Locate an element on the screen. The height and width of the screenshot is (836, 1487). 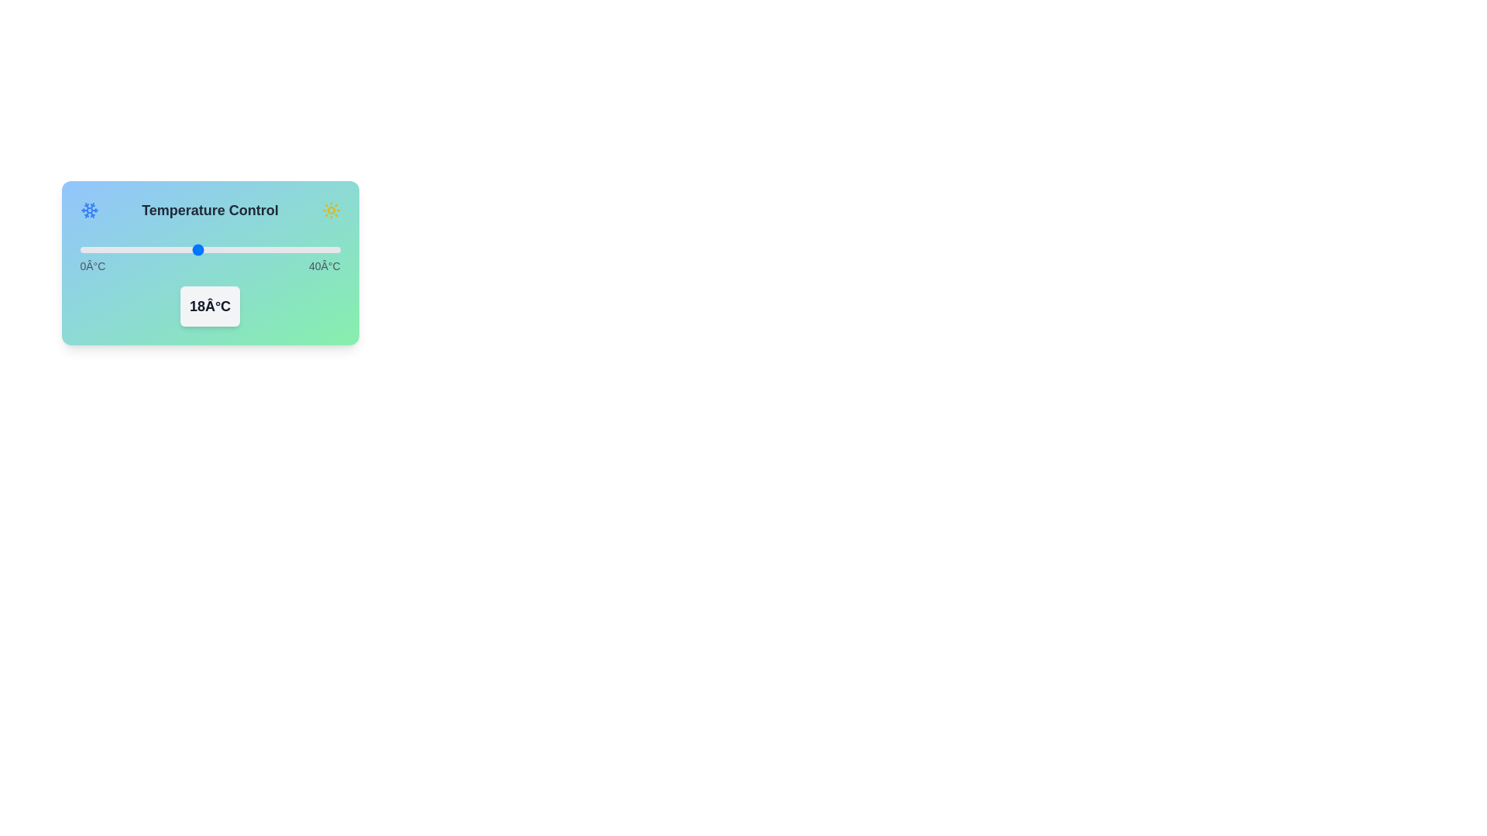
the temperature slider to set the temperature to 28 degrees Celsius is located at coordinates (262, 249).